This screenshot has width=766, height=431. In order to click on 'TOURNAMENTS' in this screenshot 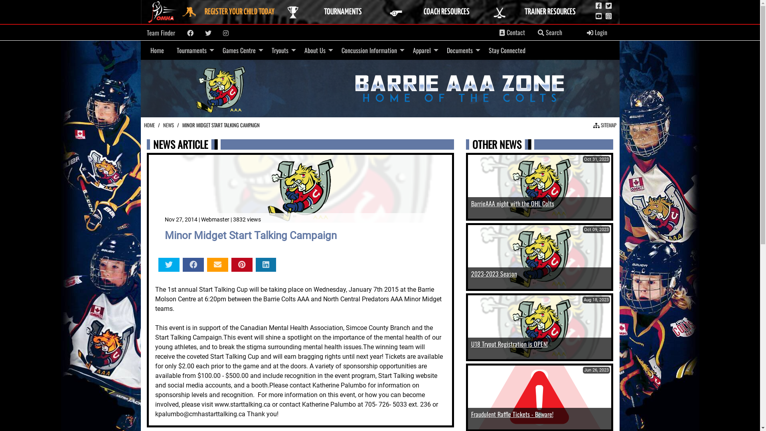, I will do `click(335, 12)`.